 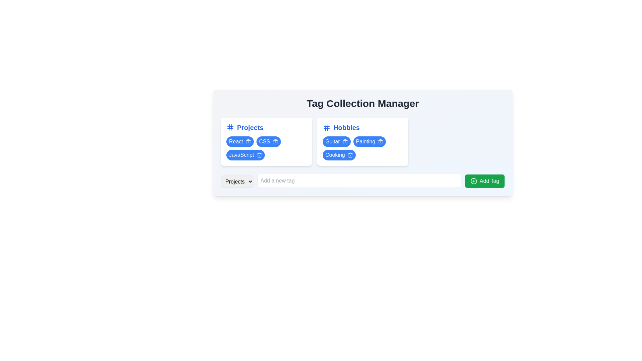 I want to click on the 'Projects' dropdown menu, so click(x=237, y=182).